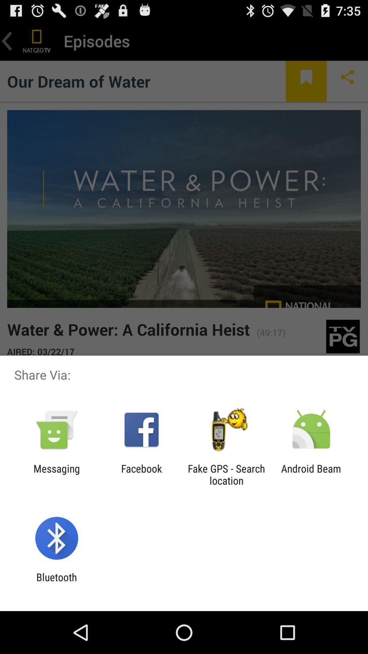 The width and height of the screenshot is (368, 654). Describe the element at coordinates (311, 474) in the screenshot. I see `android beam icon` at that location.